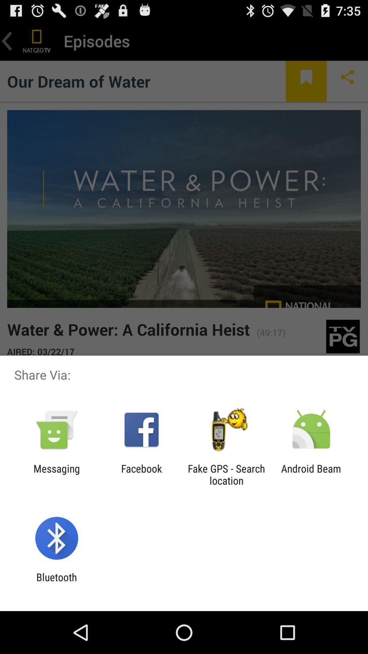 The width and height of the screenshot is (368, 654). Describe the element at coordinates (311, 474) in the screenshot. I see `android beam icon` at that location.